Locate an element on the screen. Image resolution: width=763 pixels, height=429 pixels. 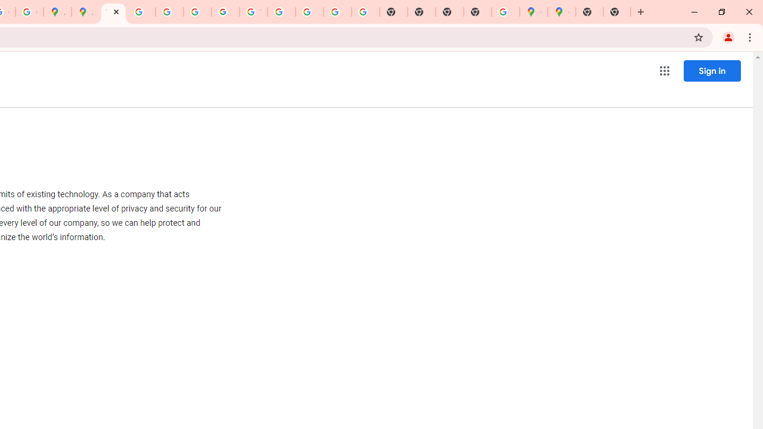
'New Tab' is located at coordinates (590, 12).